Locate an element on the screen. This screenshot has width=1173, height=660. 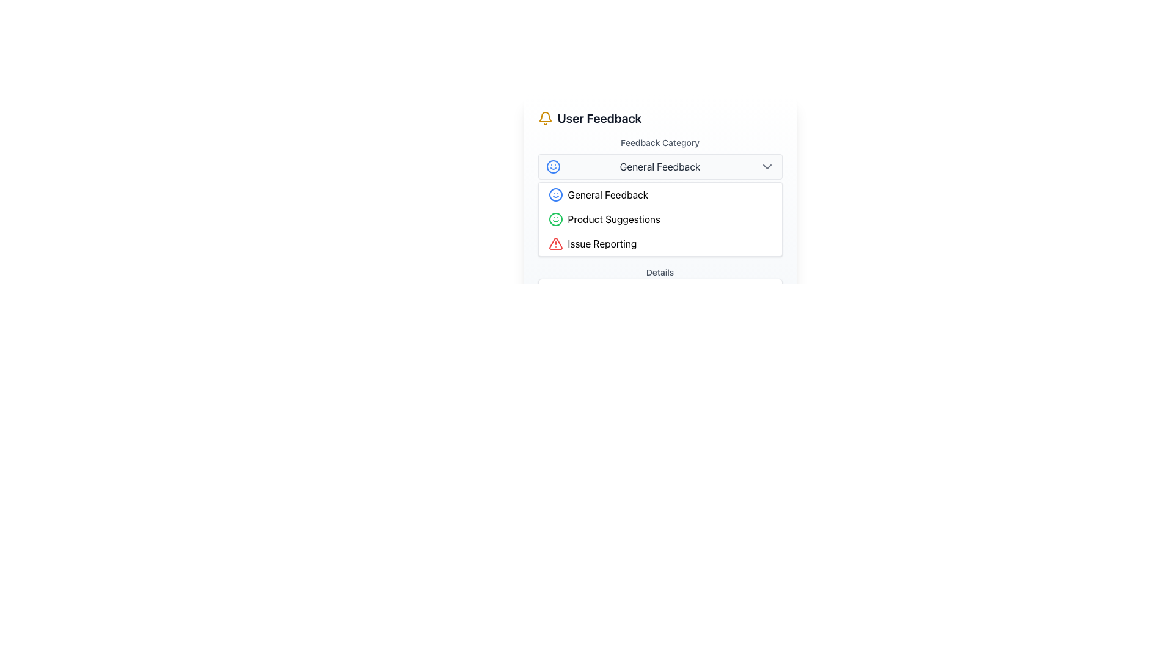
the 'Issue Reporting' selectable list item, which features a red warning triangle icon followed by the text is located at coordinates (659, 243).